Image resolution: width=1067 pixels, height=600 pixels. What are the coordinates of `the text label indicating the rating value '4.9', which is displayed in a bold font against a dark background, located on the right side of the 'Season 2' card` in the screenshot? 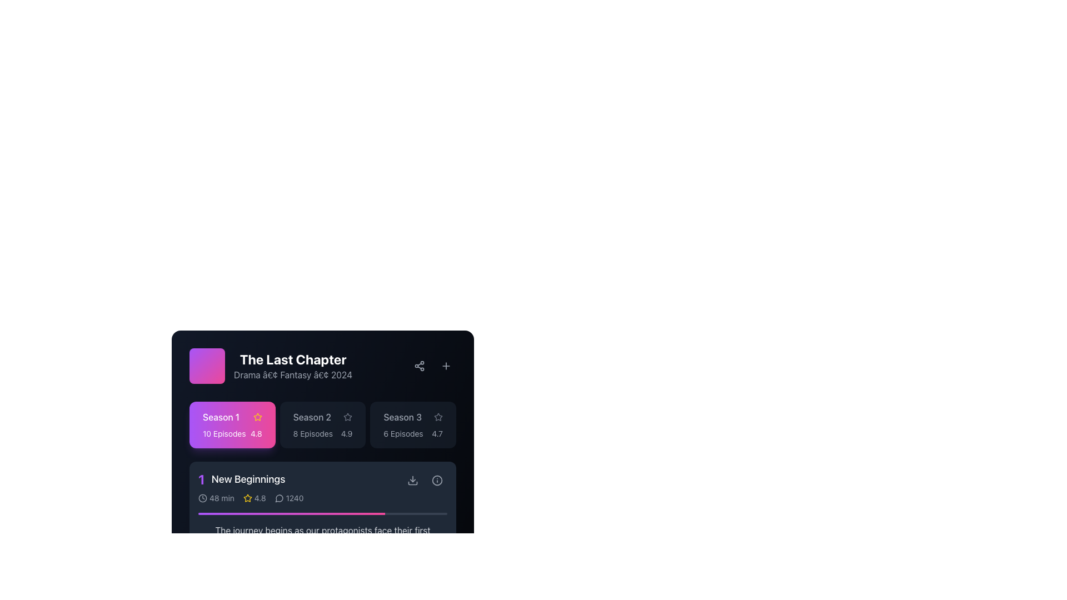 It's located at (346, 433).